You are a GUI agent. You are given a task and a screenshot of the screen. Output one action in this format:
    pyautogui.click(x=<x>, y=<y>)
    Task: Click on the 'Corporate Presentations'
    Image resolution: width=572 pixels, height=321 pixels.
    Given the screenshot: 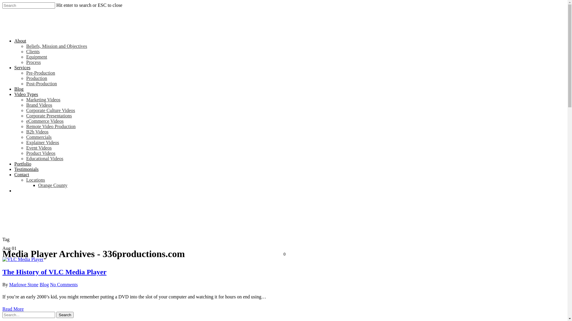 What is the action you would take?
    pyautogui.click(x=26, y=116)
    